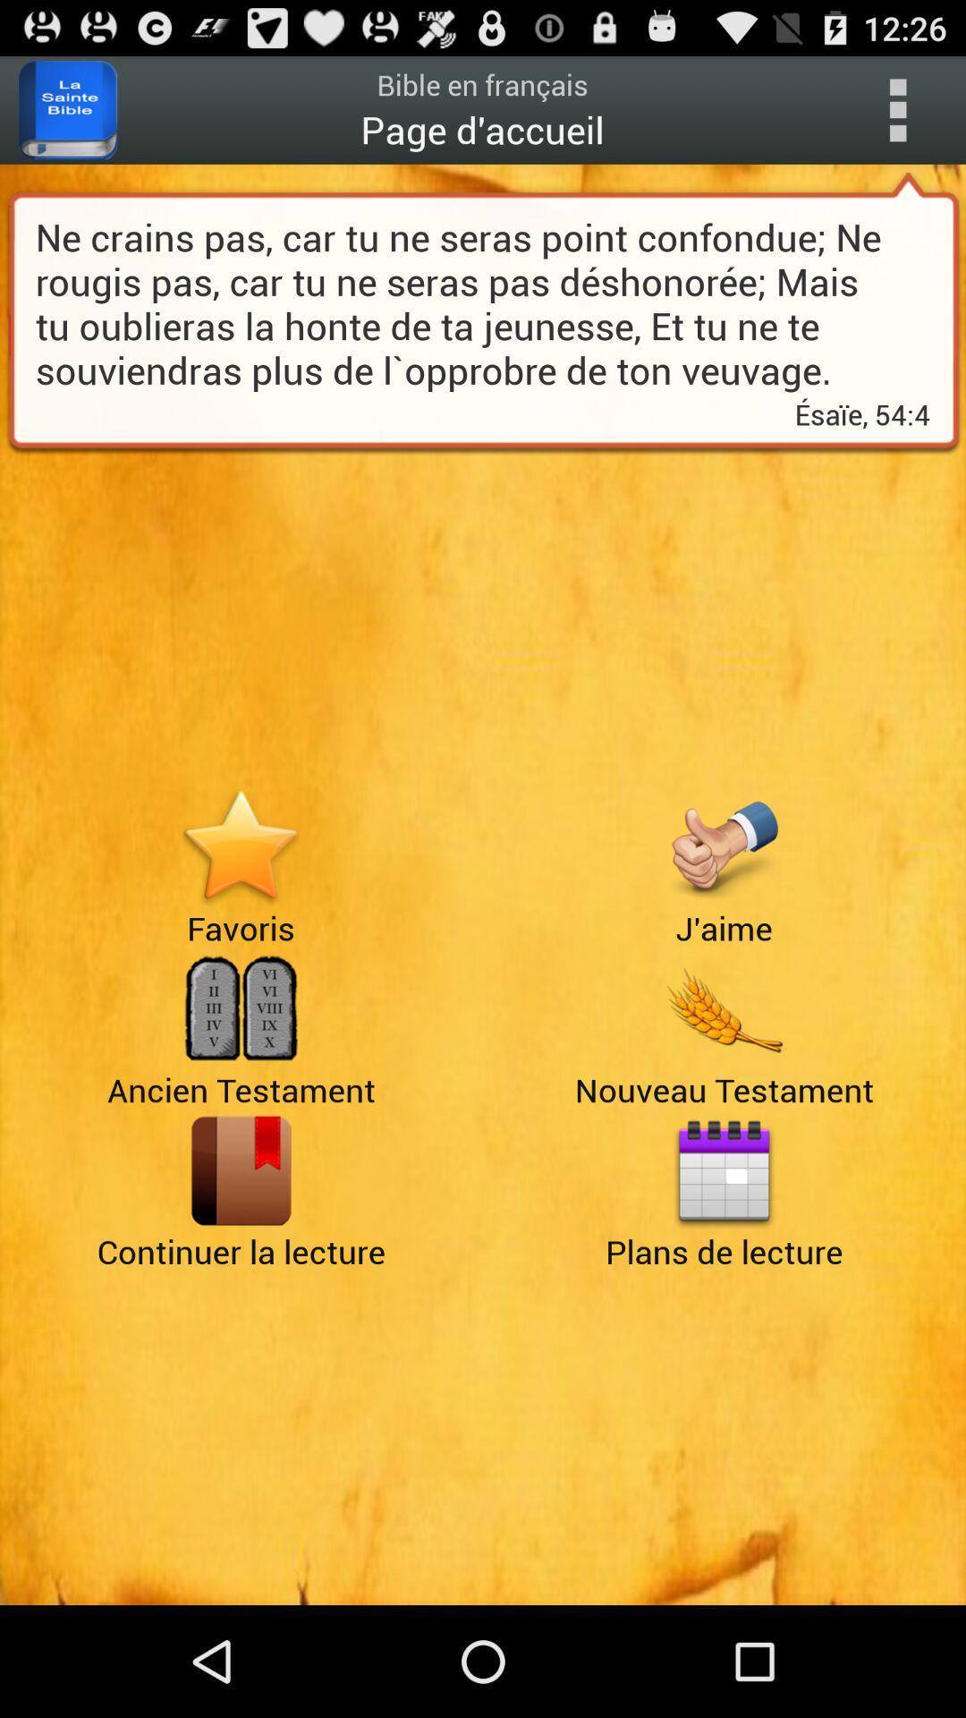 This screenshot has height=1718, width=966. Describe the element at coordinates (897, 117) in the screenshot. I see `the more icon` at that location.